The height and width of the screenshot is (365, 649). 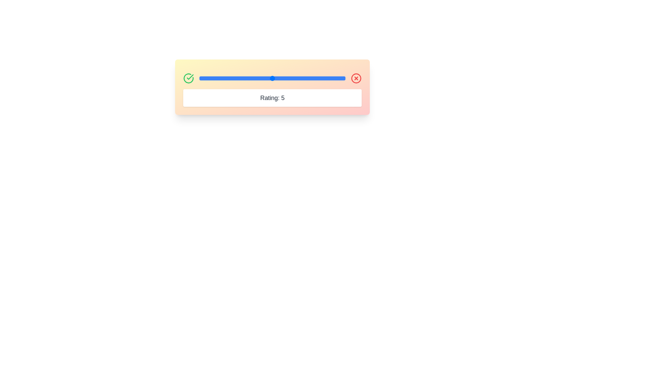 What do you see at coordinates (356, 78) in the screenshot?
I see `the outer circle outline of the 'X' icon located at the top-right corner of the gradient box` at bounding box center [356, 78].